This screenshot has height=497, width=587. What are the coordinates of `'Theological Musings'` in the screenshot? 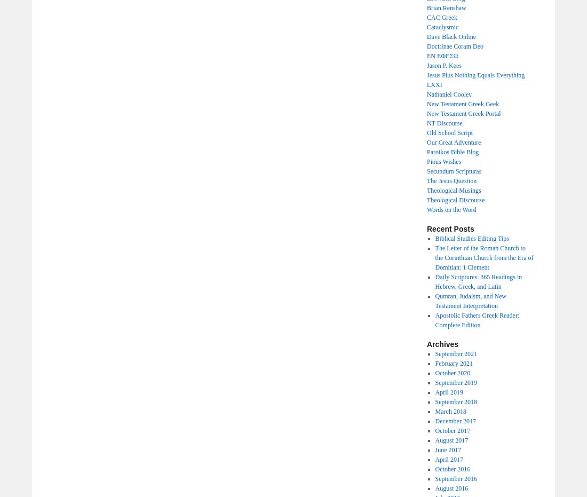 It's located at (427, 191).